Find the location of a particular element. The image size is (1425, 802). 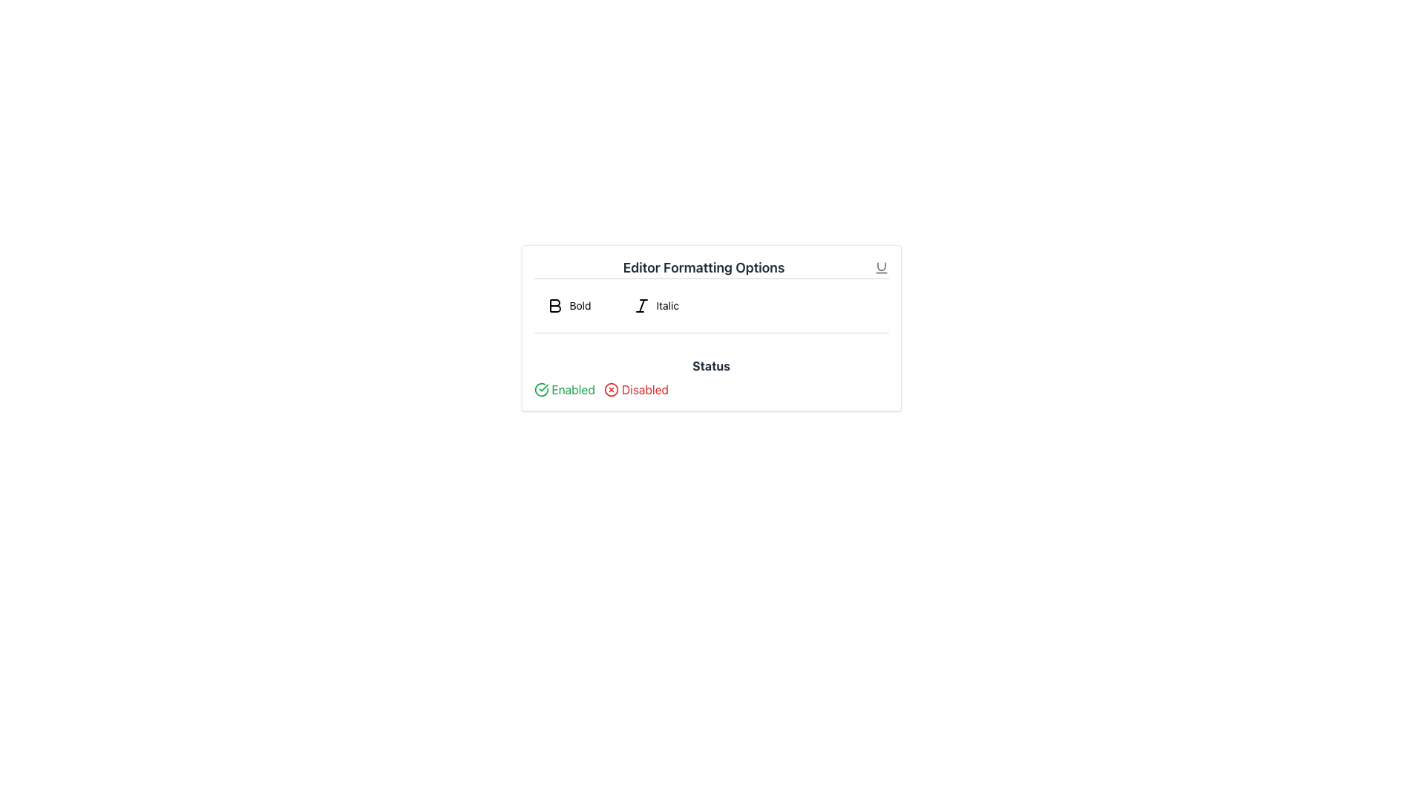

the 'Enabled' and 'Disabled' text labels in the Status section, which are styled in green and red respectively is located at coordinates (710, 388).